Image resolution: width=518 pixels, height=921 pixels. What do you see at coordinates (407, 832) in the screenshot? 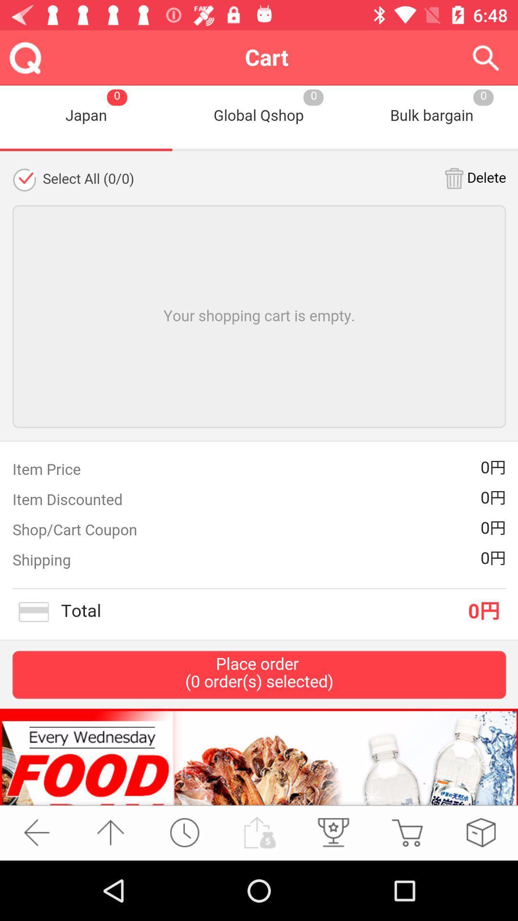
I see `shop now option` at bounding box center [407, 832].